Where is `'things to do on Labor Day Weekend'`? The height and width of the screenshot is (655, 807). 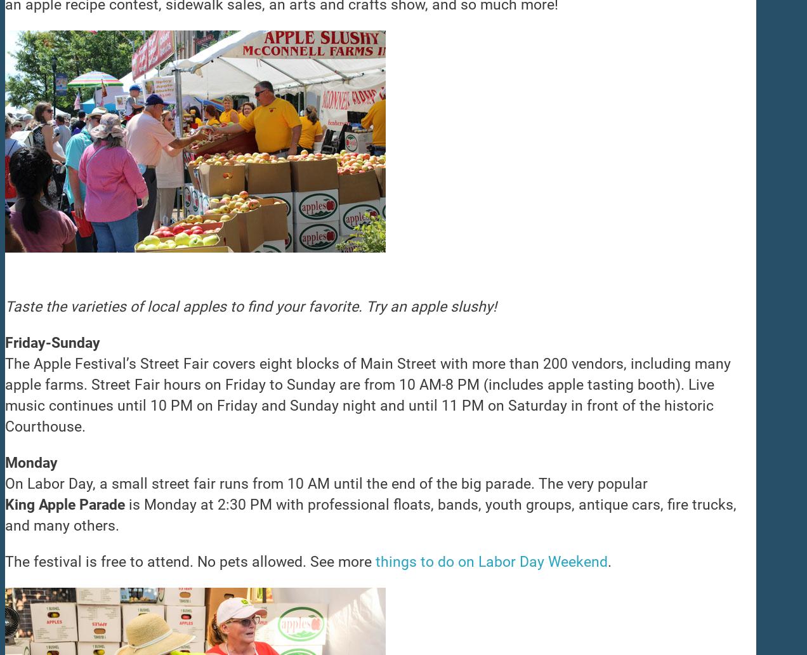 'things to do on Labor Day Weekend' is located at coordinates (491, 562).